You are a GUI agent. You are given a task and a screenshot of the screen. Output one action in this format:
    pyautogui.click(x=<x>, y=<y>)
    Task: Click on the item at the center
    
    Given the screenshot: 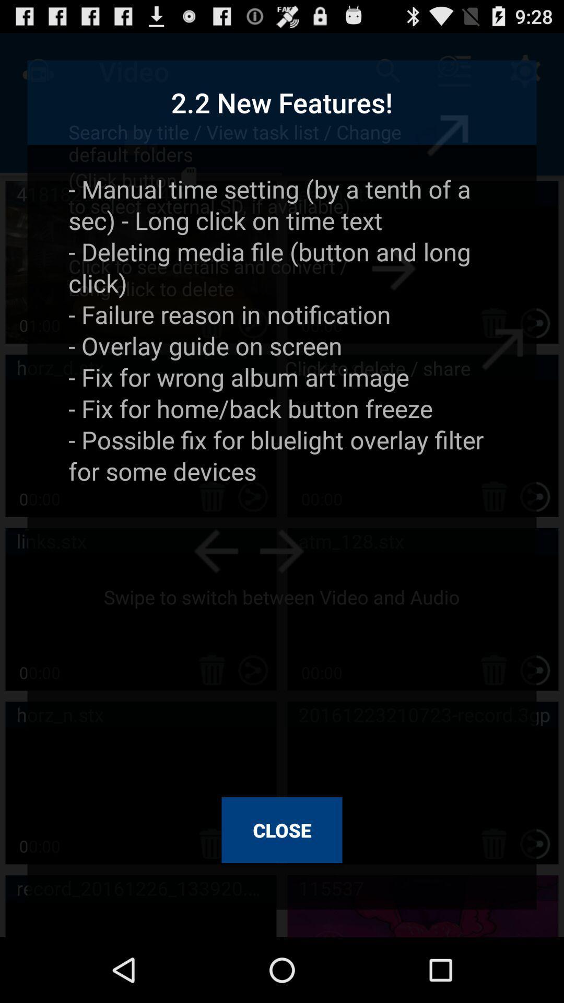 What is the action you would take?
    pyautogui.click(x=282, y=477)
    